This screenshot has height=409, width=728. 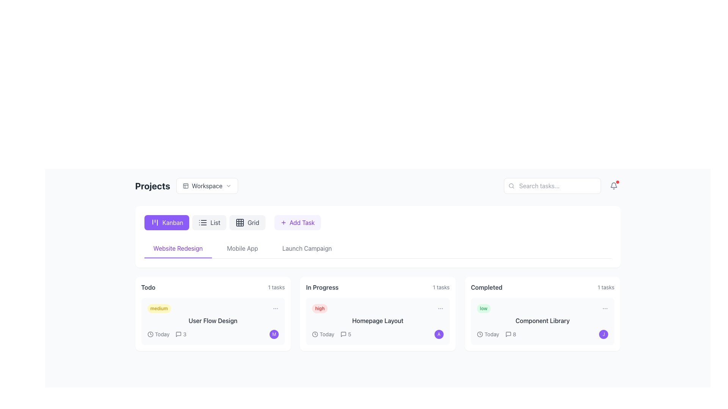 What do you see at coordinates (158, 308) in the screenshot?
I see `the pill-shaped status label with a yellow background and bold orange text reading 'medium', located in the 'Todo' section of the 'User Flow Design' card` at bounding box center [158, 308].